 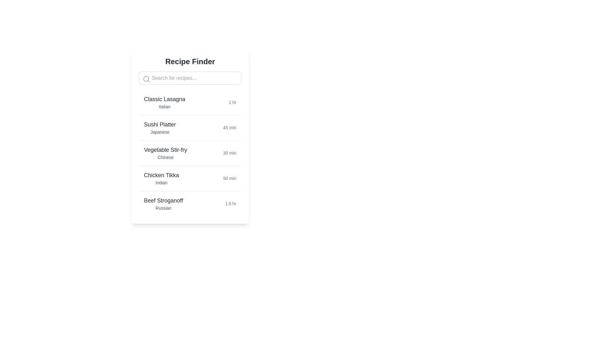 What do you see at coordinates (146, 78) in the screenshot?
I see `the SVG circle inside the search icon located near the left edge of the search input box, just below the title 'Recipe Finder'` at bounding box center [146, 78].